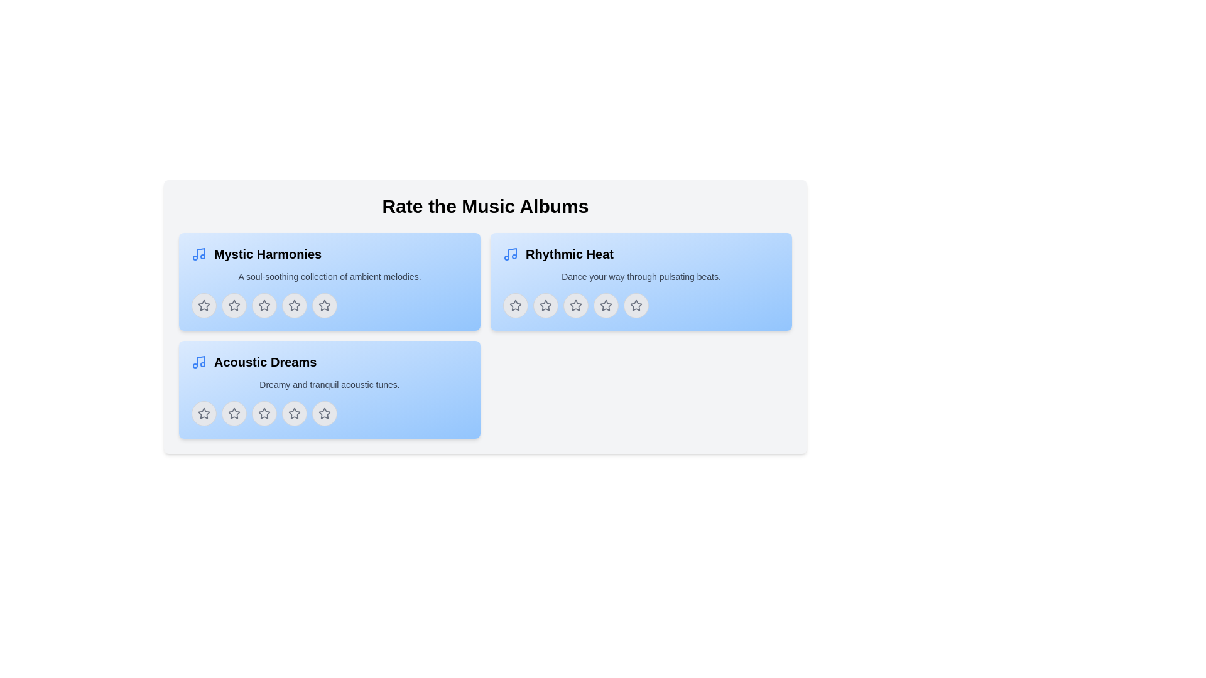  What do you see at coordinates (294, 413) in the screenshot?
I see `the fourth star-shaped rating icon` at bounding box center [294, 413].